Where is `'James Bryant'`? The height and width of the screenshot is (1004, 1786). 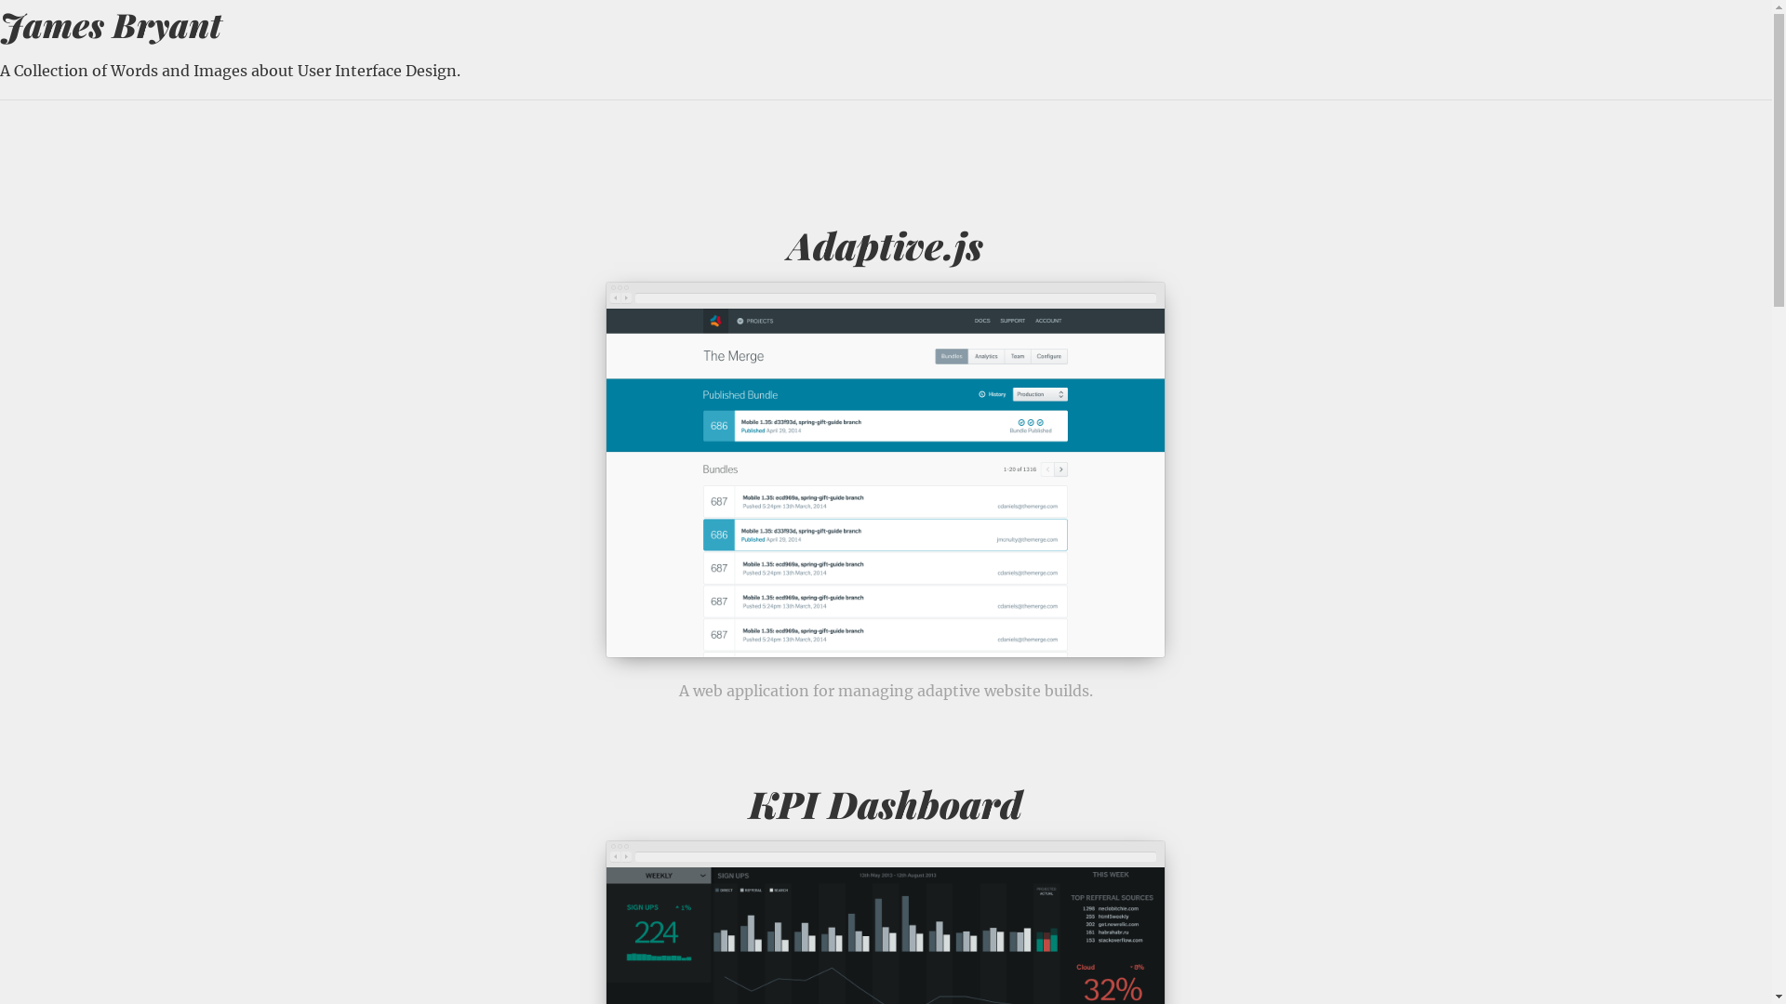
'James Bryant' is located at coordinates (0, 24).